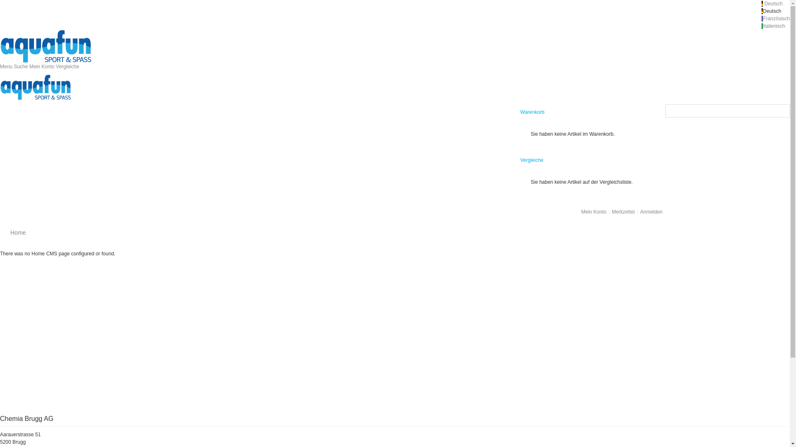 This screenshot has width=796, height=447. I want to click on 'Merkzettel', so click(623, 211).